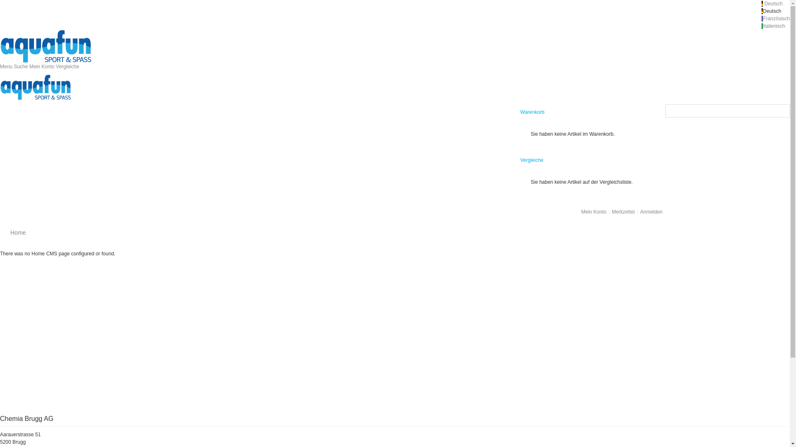 This screenshot has width=796, height=447. I want to click on 'Merkzettel', so click(623, 211).